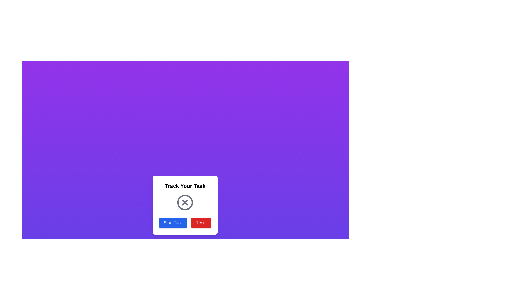 Image resolution: width=515 pixels, height=289 pixels. Describe the element at coordinates (185, 202) in the screenshot. I see `the gray circular icon with an 'X' shape inside, which is centrally positioned above the 'Start Task' and 'Reset' buttons within a white card` at that location.